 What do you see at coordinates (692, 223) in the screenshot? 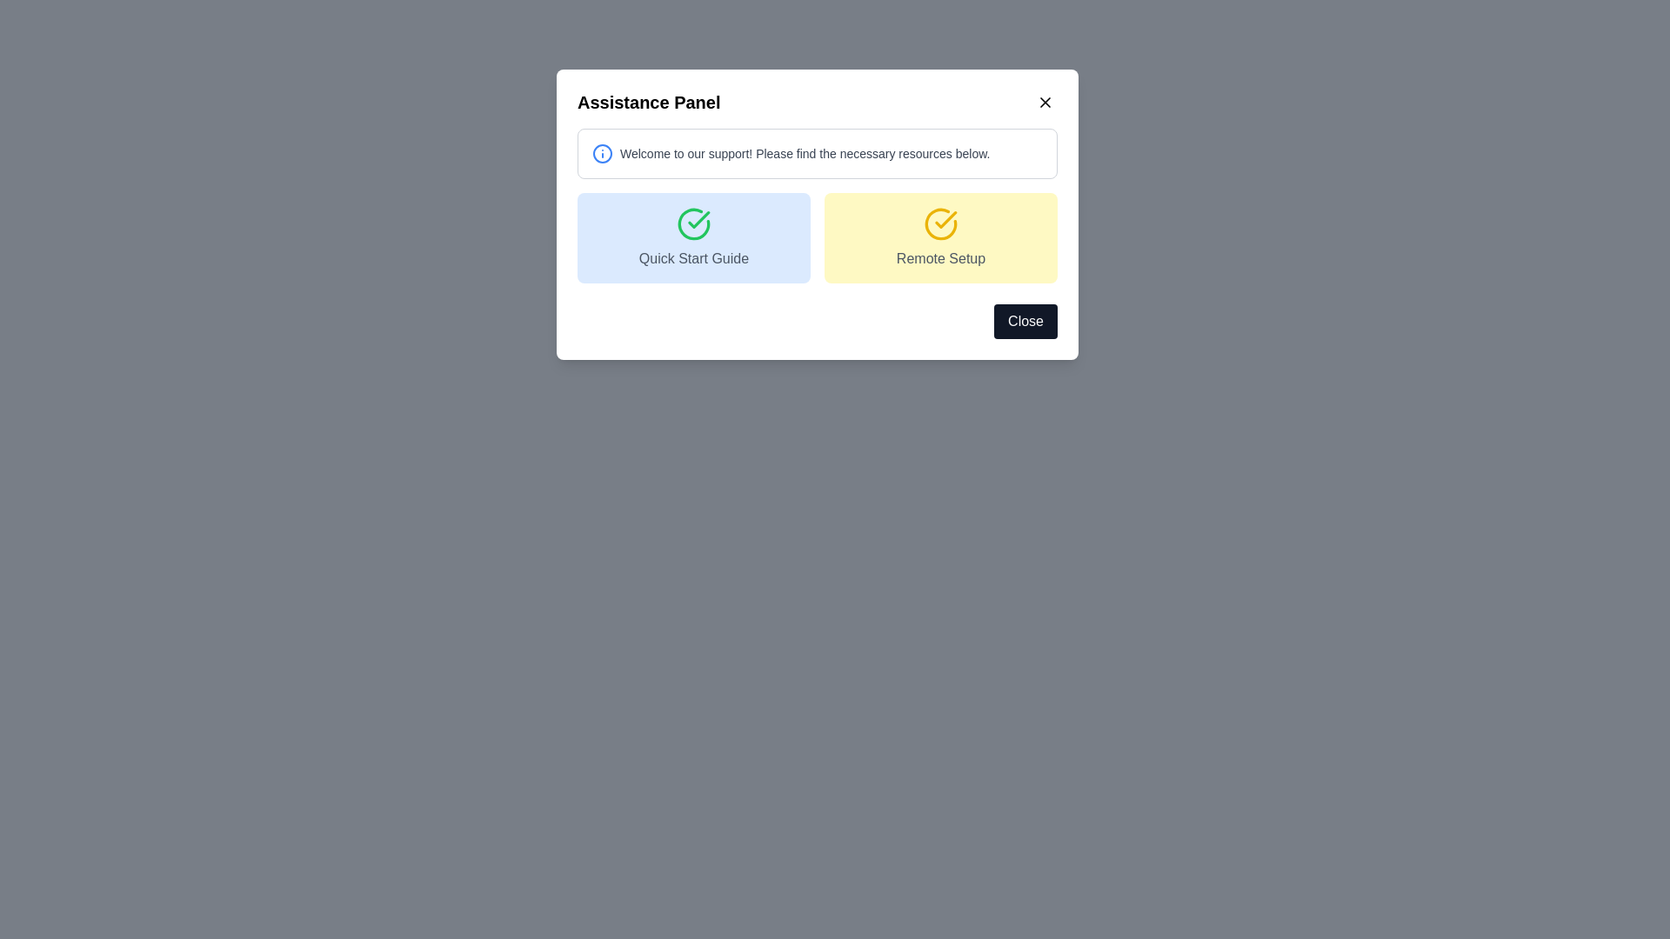
I see `the green checkmark icon within the blue rectangular button labeled 'Quick Start Guide' located in the Assistance Panel dialog box` at bounding box center [692, 223].